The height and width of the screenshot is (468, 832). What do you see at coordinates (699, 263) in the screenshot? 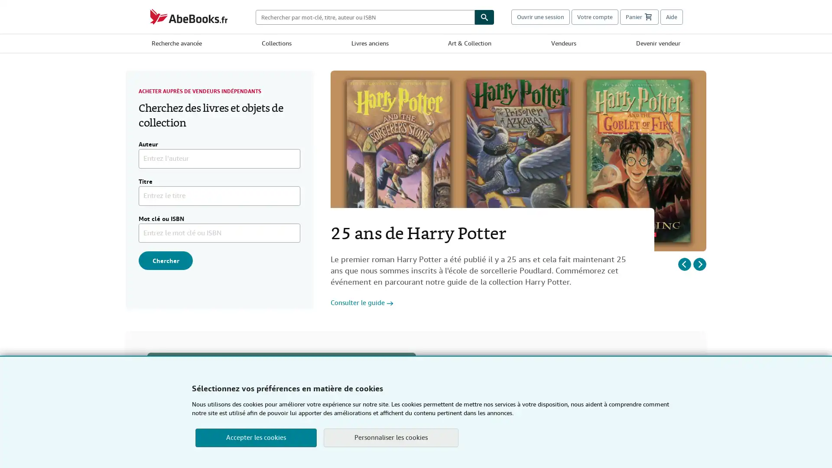
I see `Next` at bounding box center [699, 263].